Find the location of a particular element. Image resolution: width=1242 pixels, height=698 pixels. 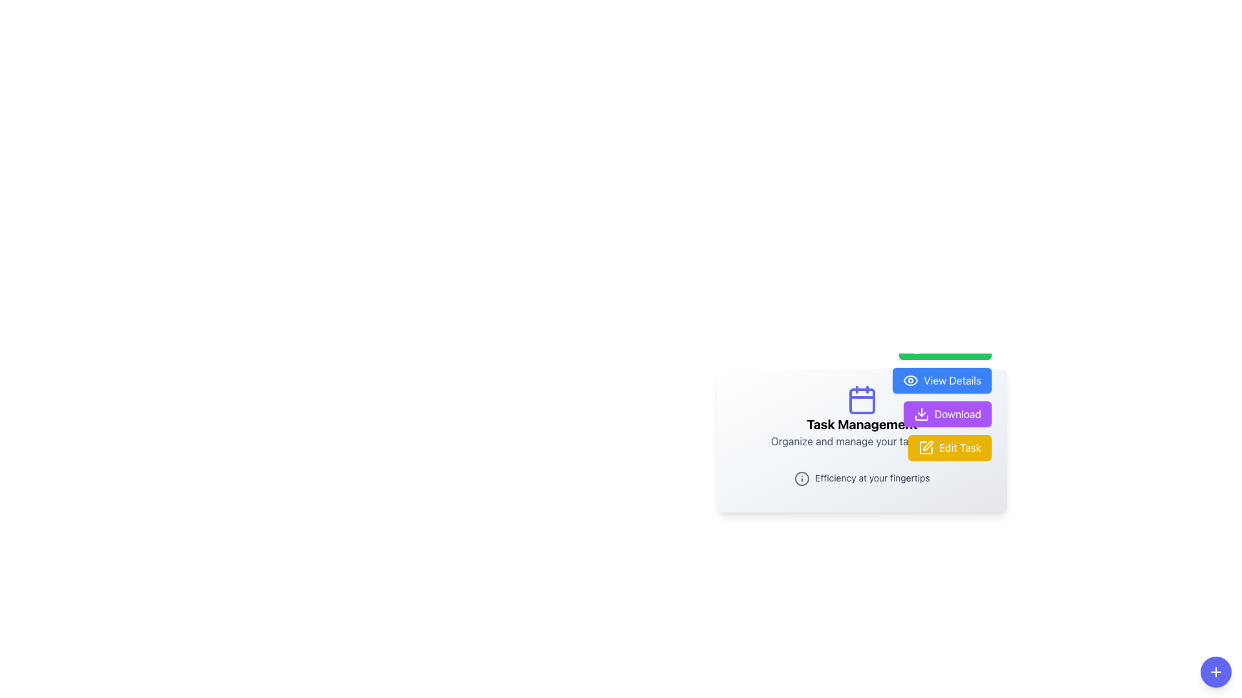

the lower segment of the graphical download icon, which is part of the purple rectangular button labeled 'Download' is located at coordinates (921, 418).